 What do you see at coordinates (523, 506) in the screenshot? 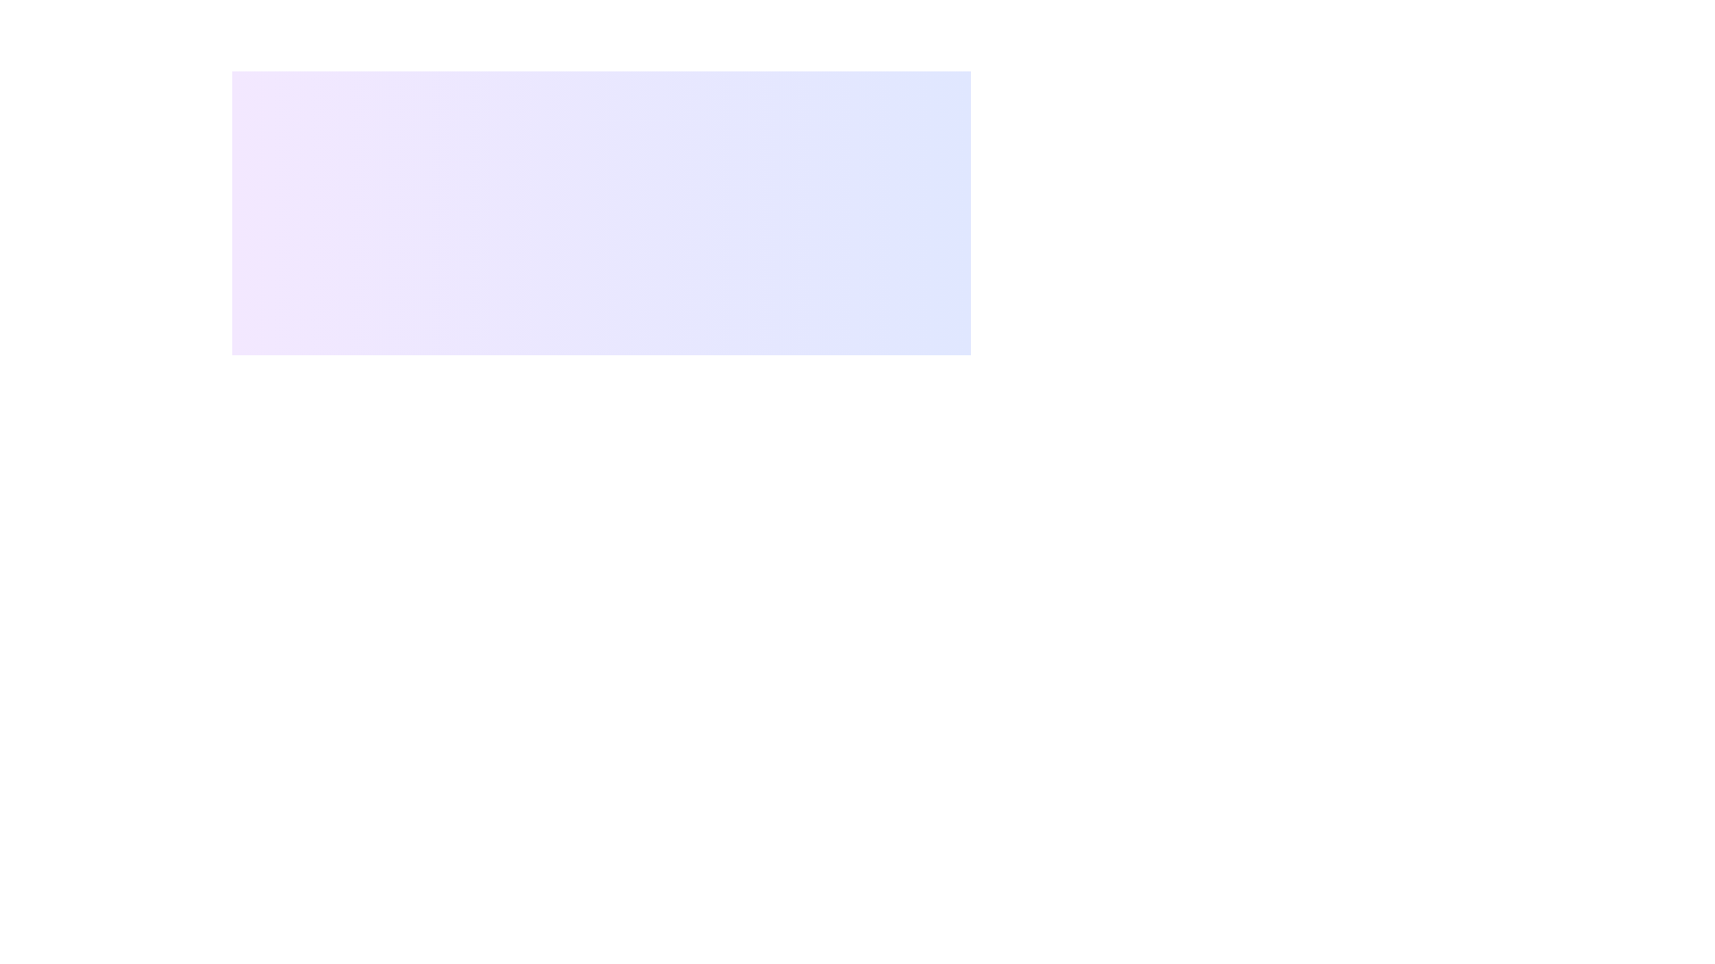
I see `the SVG Circle element, which is a circular shape with a radius of 10 units, positioned at the center of an intersection within an SVG representation` at bounding box center [523, 506].